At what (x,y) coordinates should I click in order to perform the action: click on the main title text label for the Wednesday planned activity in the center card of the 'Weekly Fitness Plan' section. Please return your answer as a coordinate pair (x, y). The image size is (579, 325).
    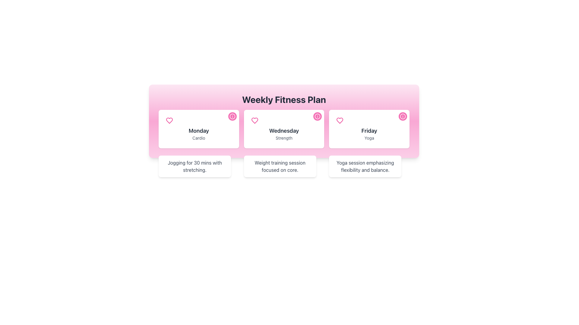
    Looking at the image, I should click on (283, 131).